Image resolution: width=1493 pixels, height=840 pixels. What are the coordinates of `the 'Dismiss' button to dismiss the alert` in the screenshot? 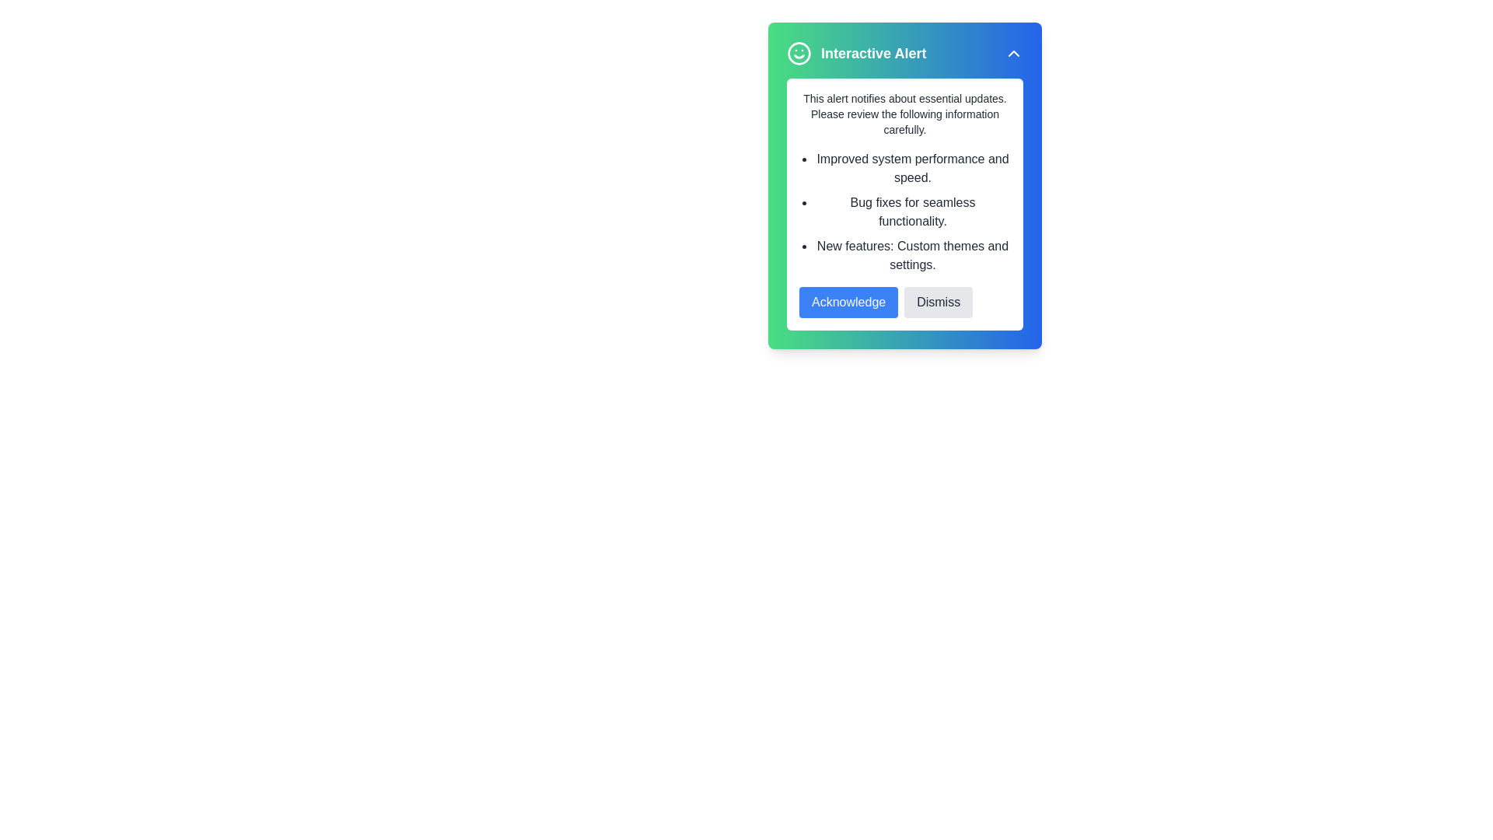 It's located at (937, 303).